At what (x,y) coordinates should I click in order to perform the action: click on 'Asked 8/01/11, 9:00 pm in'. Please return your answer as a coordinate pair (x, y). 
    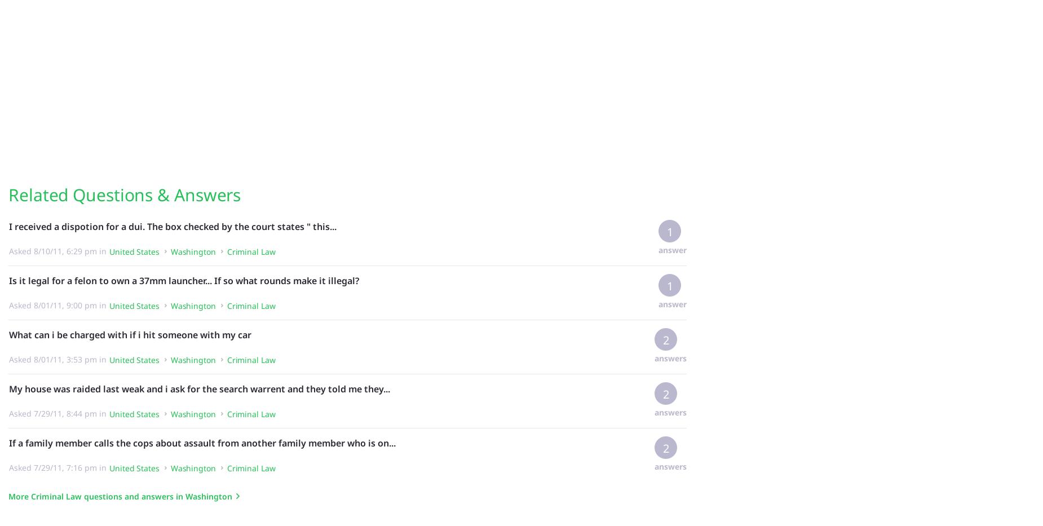
    Looking at the image, I should click on (57, 304).